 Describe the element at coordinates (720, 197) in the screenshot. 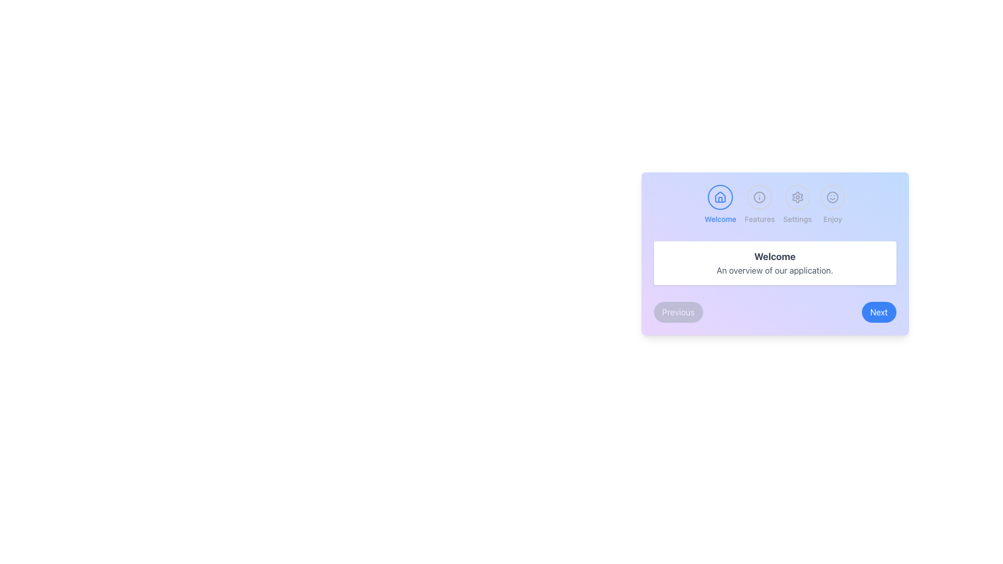

I see `the house-shaped icon within the 'Welcome' button located at the top-left corner of the navigation bar` at that location.